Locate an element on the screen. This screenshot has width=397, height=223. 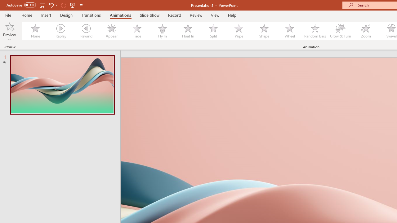
'Preview' is located at coordinates (9, 26).